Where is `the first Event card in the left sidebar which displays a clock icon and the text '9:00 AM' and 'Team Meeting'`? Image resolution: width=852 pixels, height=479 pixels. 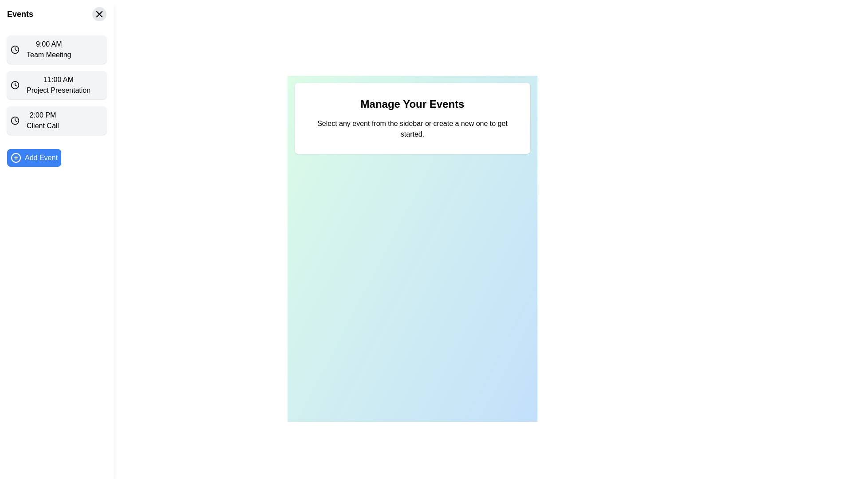 the first Event card in the left sidebar which displays a clock icon and the text '9:00 AM' and 'Team Meeting' is located at coordinates (56, 49).